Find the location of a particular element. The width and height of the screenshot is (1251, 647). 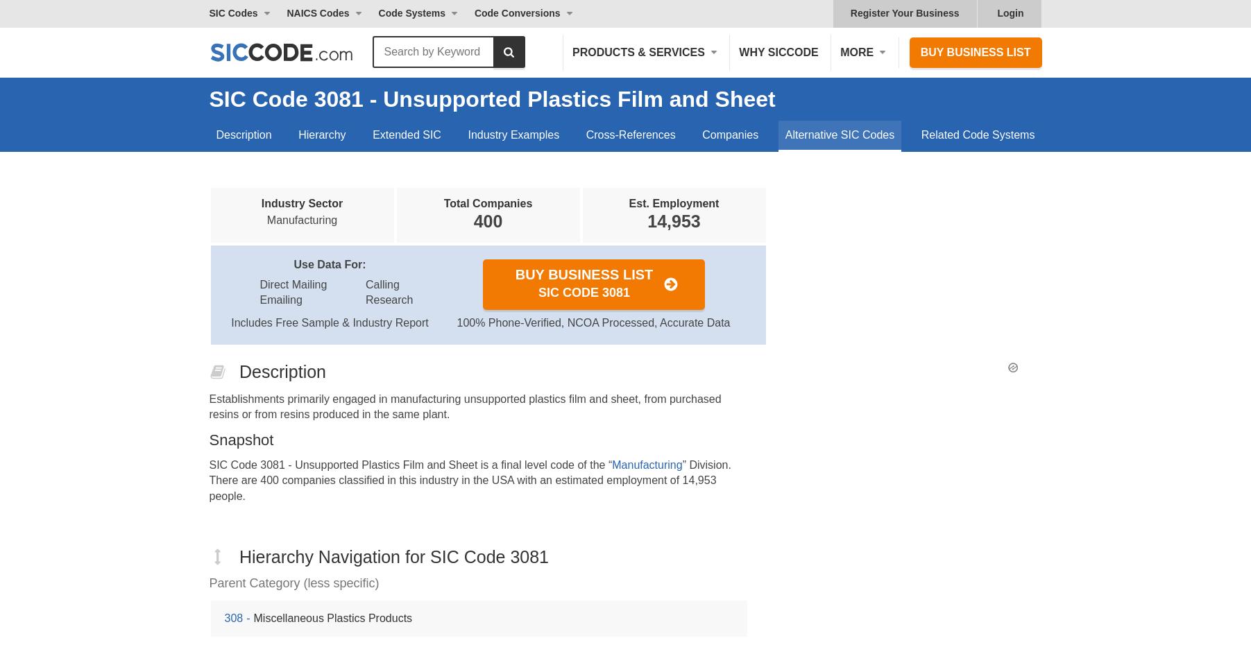

'Total Companies' is located at coordinates (486, 203).